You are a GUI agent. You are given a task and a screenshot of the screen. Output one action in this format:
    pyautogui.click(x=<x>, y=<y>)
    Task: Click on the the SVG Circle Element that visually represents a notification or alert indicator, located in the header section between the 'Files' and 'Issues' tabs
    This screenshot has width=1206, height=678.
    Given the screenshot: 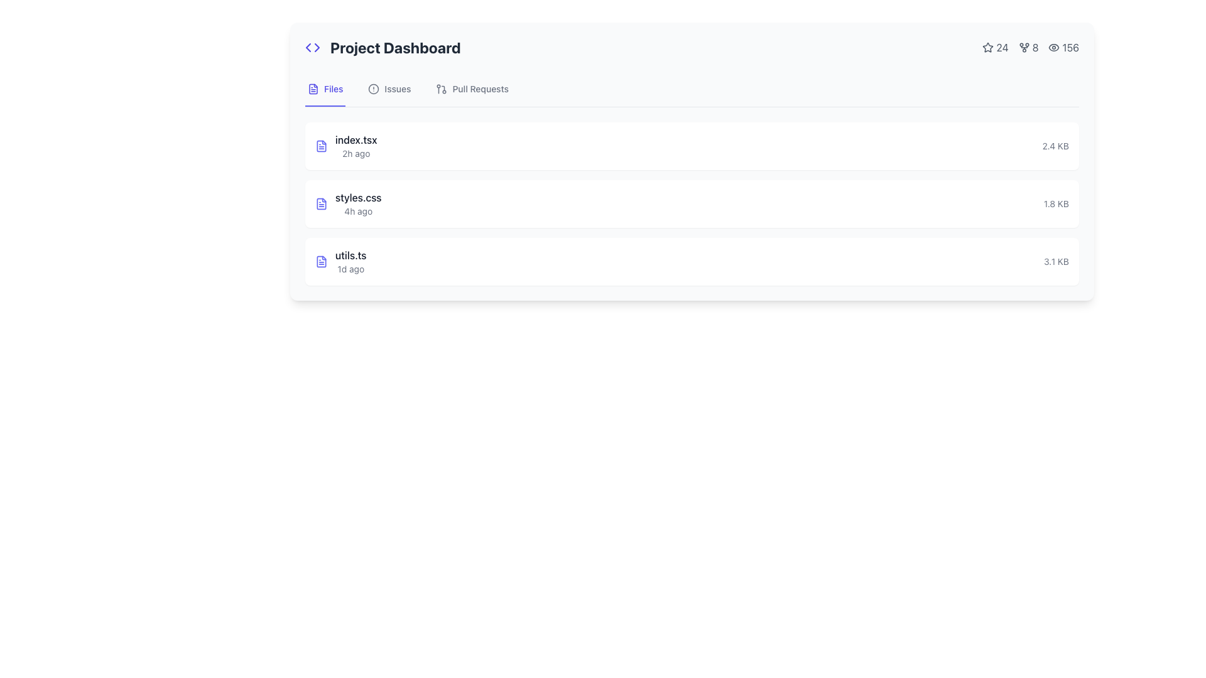 What is the action you would take?
    pyautogui.click(x=373, y=89)
    